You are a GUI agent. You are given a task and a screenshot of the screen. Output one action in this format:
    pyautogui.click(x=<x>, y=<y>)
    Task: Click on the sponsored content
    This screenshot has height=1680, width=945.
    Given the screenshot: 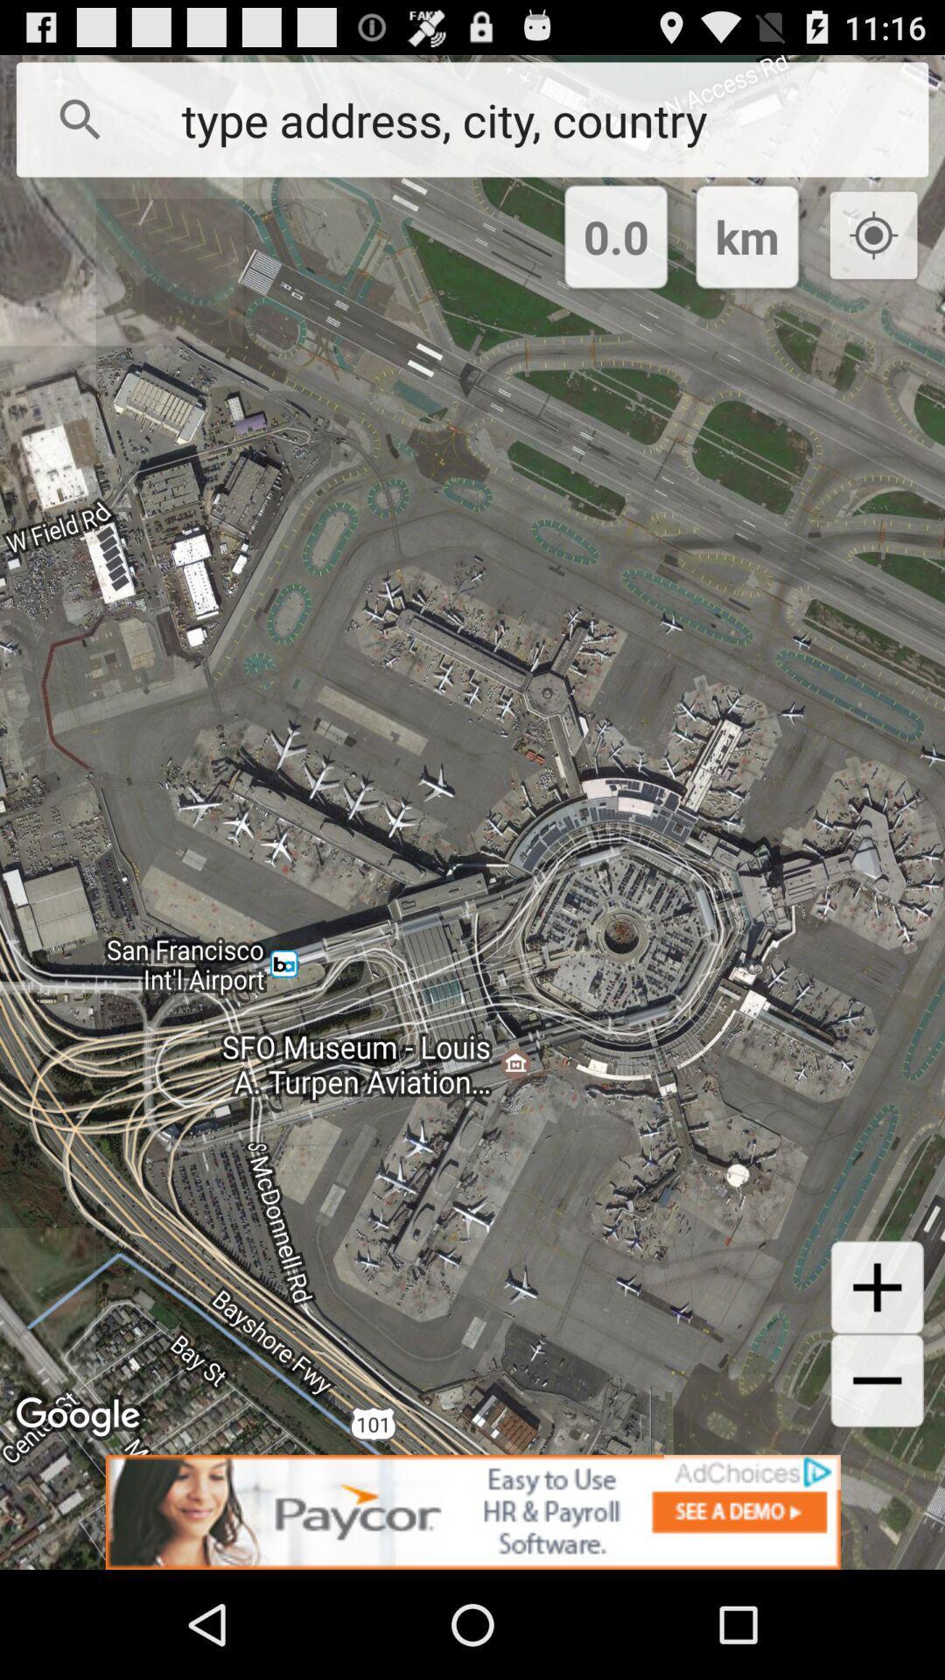 What is the action you would take?
    pyautogui.click(x=472, y=1511)
    